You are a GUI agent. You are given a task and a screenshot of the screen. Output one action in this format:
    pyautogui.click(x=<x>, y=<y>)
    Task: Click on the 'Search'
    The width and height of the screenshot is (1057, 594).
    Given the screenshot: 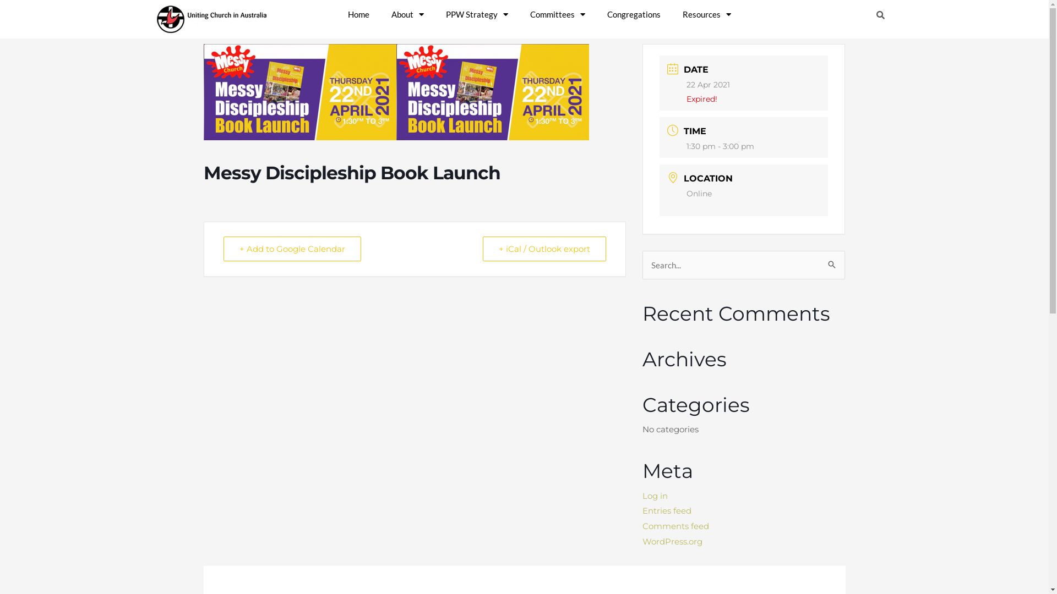 What is the action you would take?
    pyautogui.click(x=866, y=15)
    